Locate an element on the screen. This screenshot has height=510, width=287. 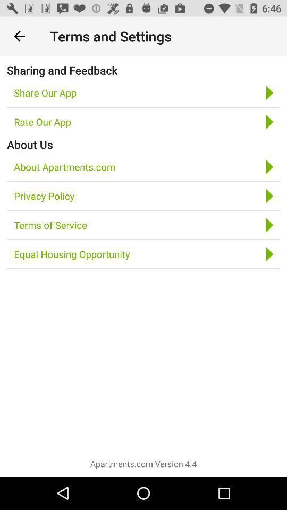
sharing and feedback is located at coordinates (62, 70).